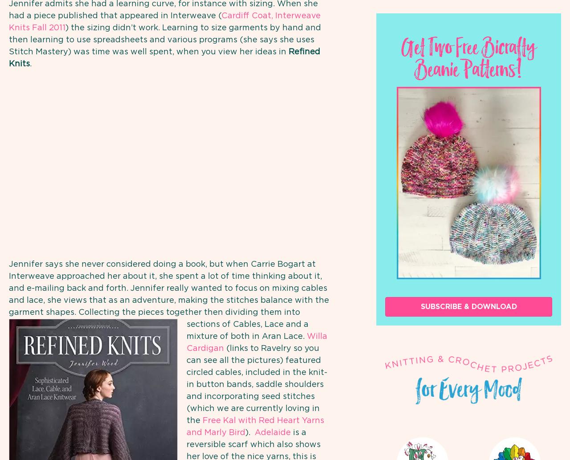 Image resolution: width=570 pixels, height=460 pixels. I want to click on ') the sizing didn’t work. Learning to size garments by hand and then learning to use spreadsheets and various programs (she says she uses Stitch Mastery) was time was well spent, when you view her ideas in', so click(165, 40).